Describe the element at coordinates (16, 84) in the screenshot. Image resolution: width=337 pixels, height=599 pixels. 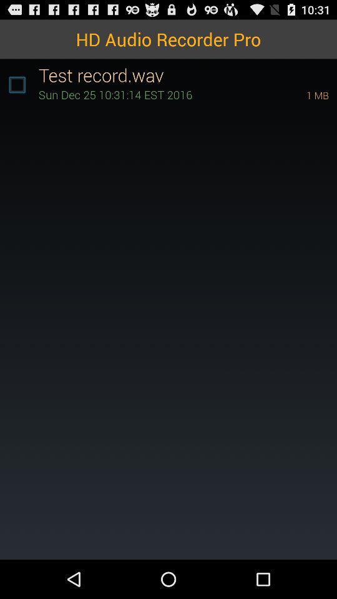
I see `the icon next to test record.wav item` at that location.